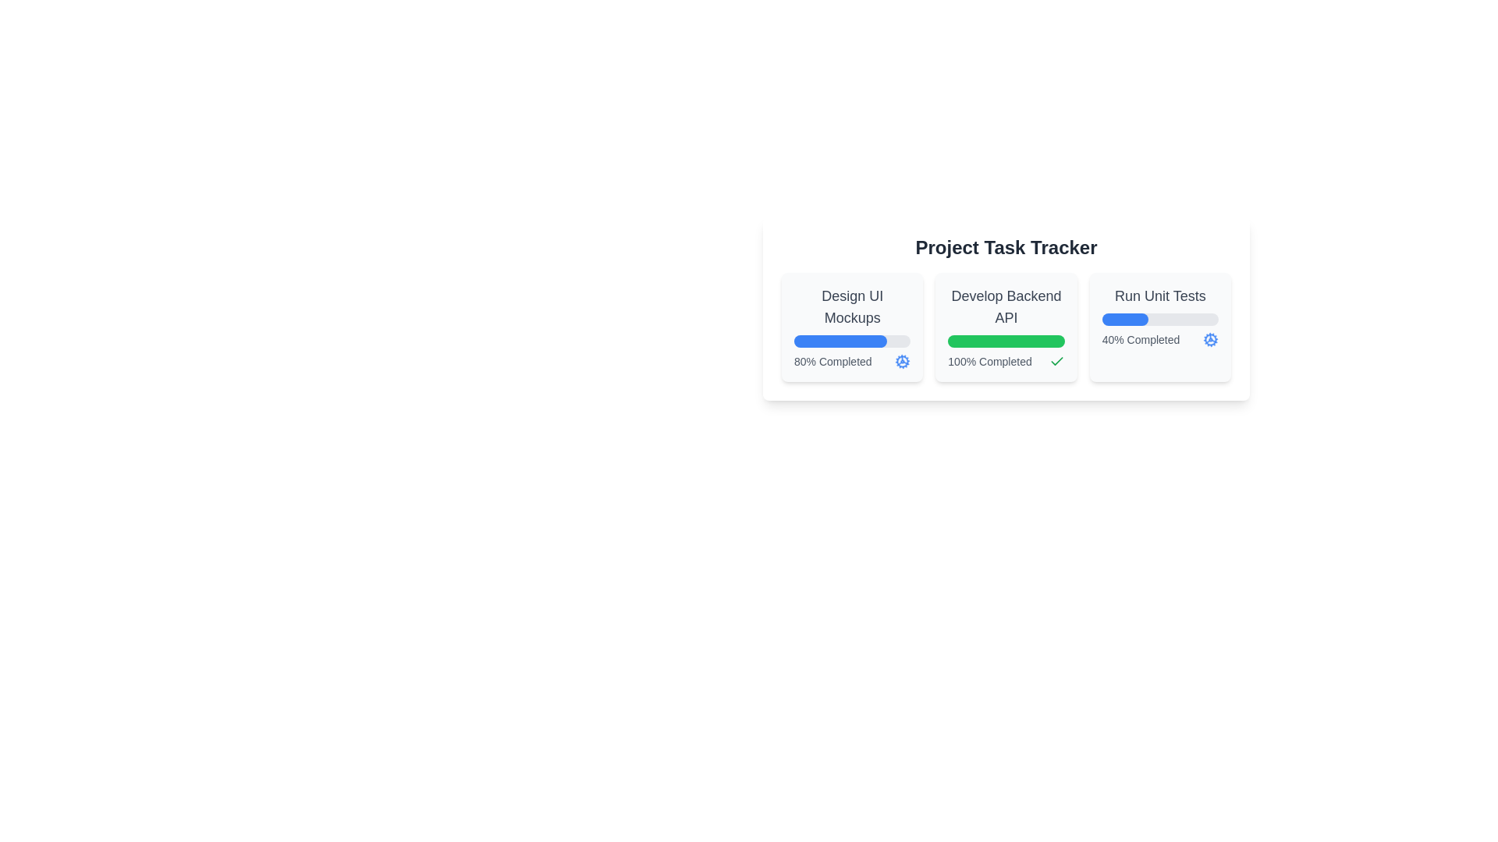  What do you see at coordinates (1160, 296) in the screenshot?
I see `the Text label that serves as a title for the unit test tasks section, positioned at the top center of the rectangular card in the Project Task Tracker layout` at bounding box center [1160, 296].